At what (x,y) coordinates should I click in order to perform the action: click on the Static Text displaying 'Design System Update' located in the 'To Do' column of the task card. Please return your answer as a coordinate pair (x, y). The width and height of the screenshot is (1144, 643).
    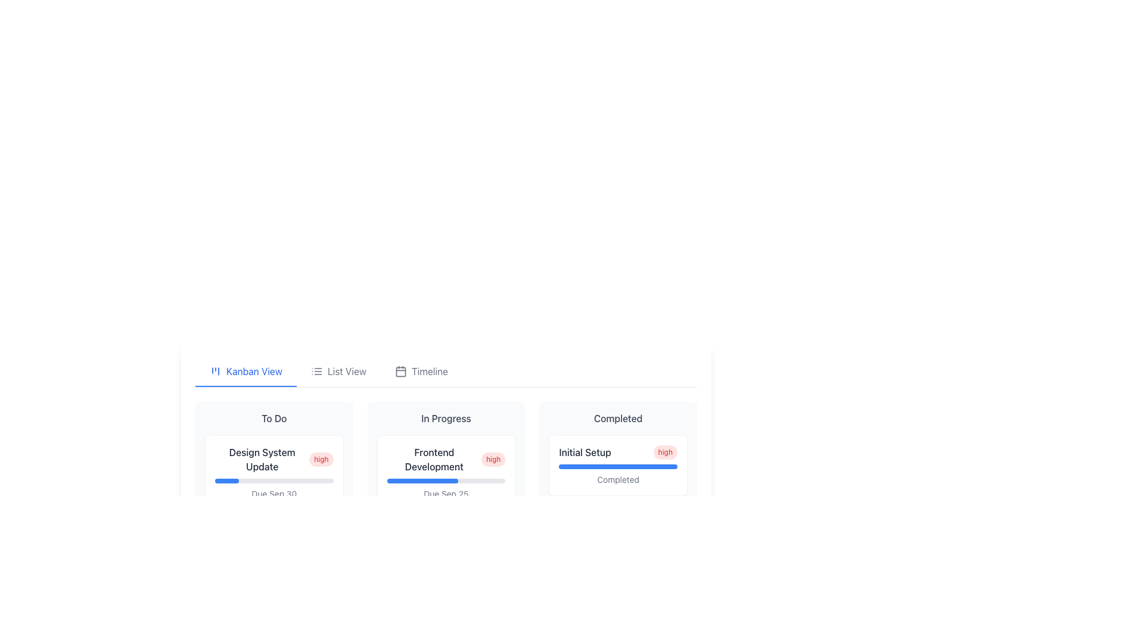
    Looking at the image, I should click on (262, 458).